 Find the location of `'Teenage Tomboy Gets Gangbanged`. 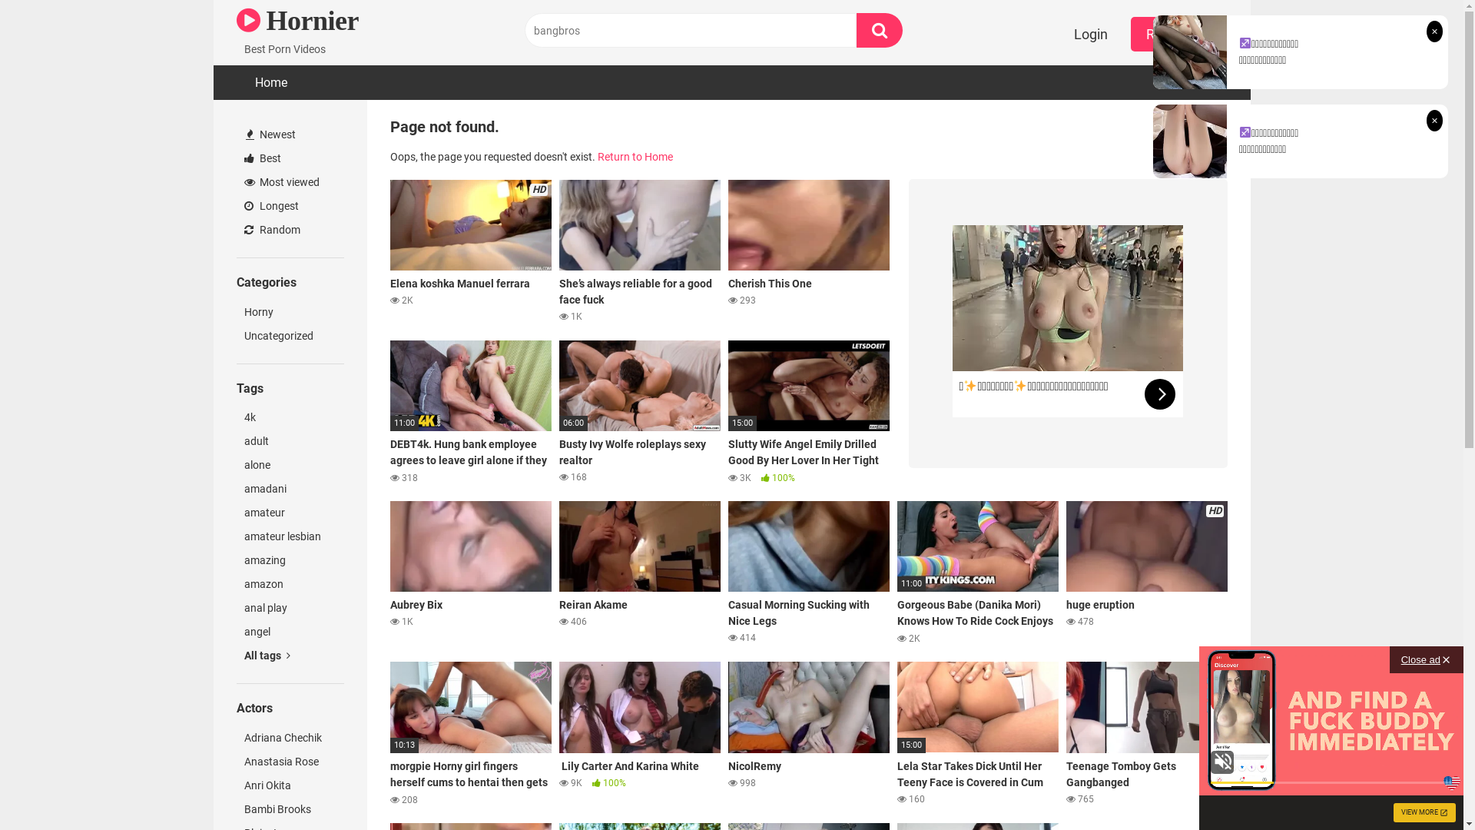

'Teenage Tomboy Gets Gangbanged is located at coordinates (1065, 733).